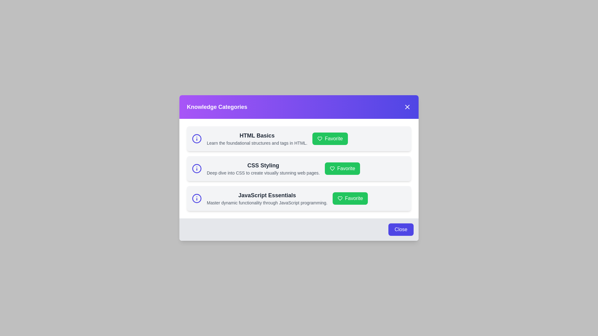 The height and width of the screenshot is (336, 598). I want to click on the Text block with a title and description that represents a course or topic related to CSS Styling, located in the second card between 'HTML Basics' and 'JavaScript Essentials', so click(263, 169).